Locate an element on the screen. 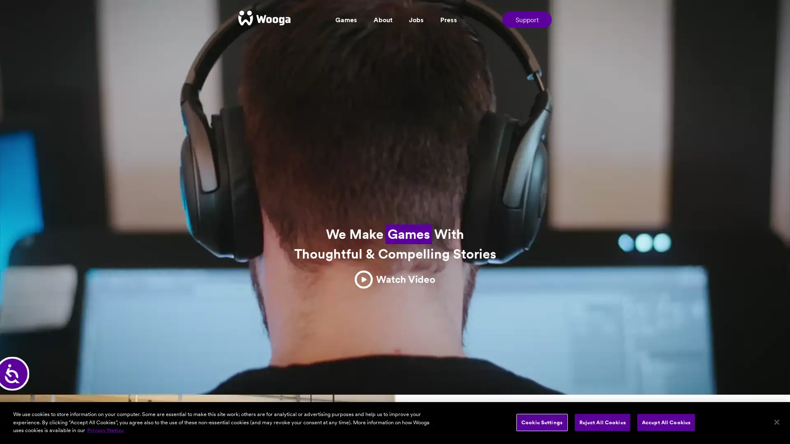 The image size is (790, 444). Reject All Cookies is located at coordinates (602, 422).